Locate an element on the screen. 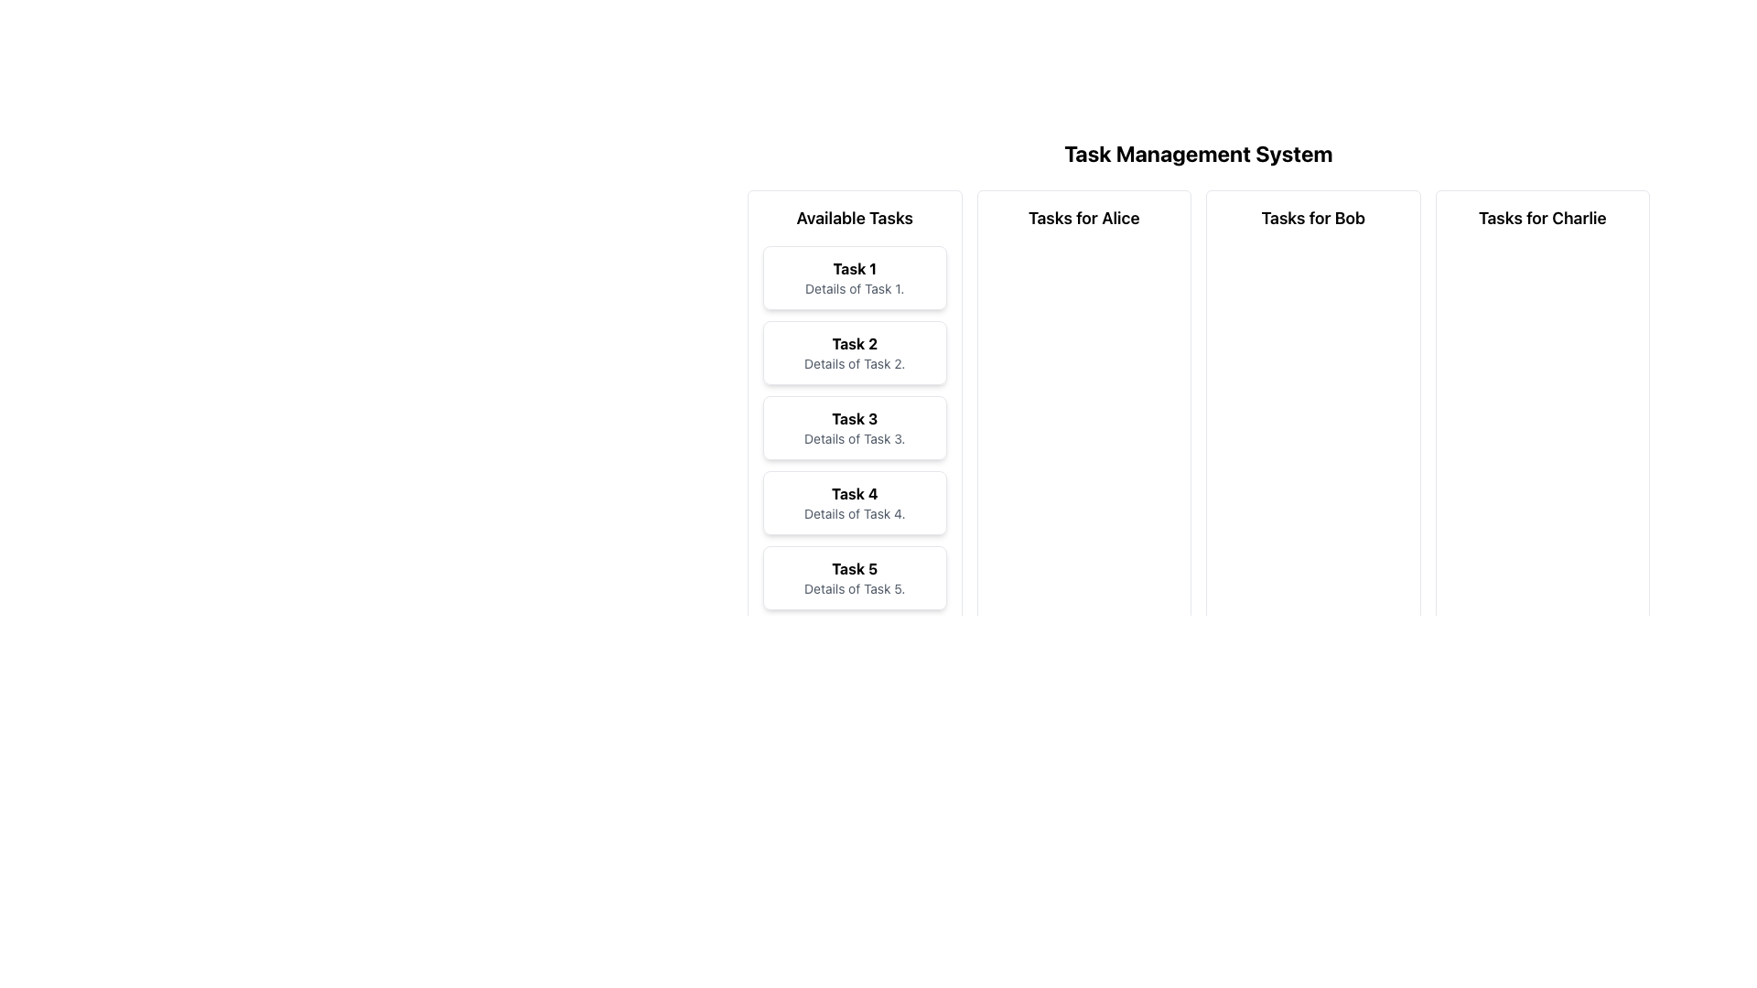  the header text 'Task 2', which is bold and located at the top of the second card in the 'Available Tasks' column is located at coordinates (854, 343).